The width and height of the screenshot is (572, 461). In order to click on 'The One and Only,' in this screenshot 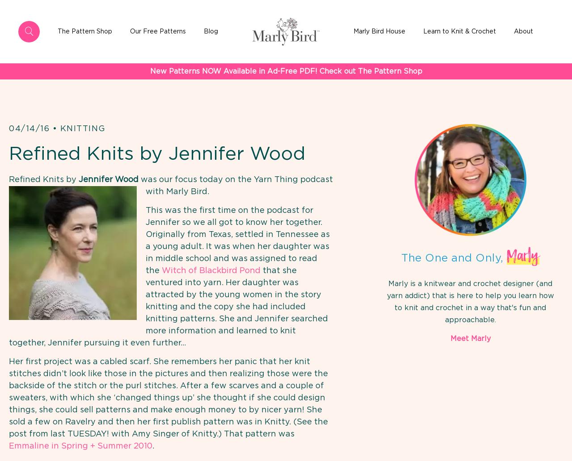, I will do `click(452, 257)`.